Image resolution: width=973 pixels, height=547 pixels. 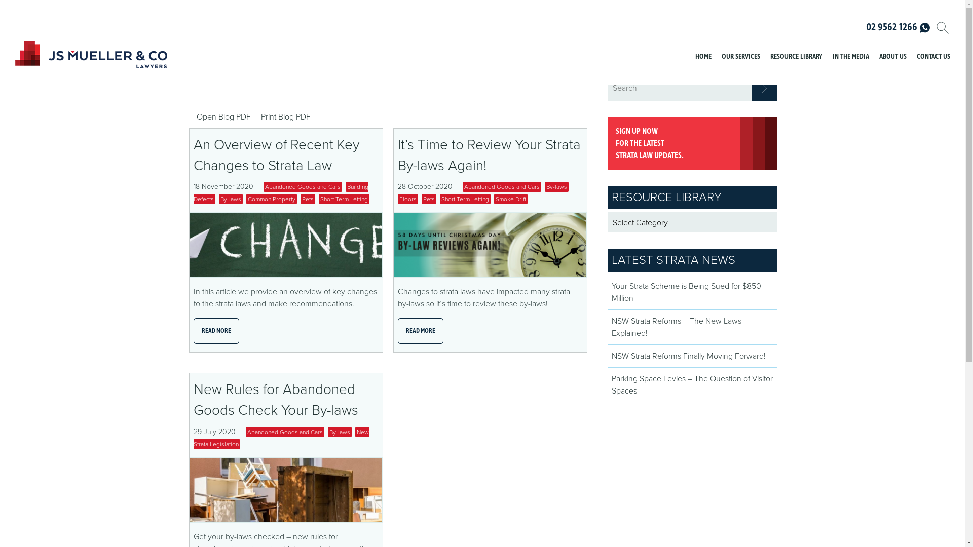 What do you see at coordinates (281, 437) in the screenshot?
I see `'New Strata Legislation'` at bounding box center [281, 437].